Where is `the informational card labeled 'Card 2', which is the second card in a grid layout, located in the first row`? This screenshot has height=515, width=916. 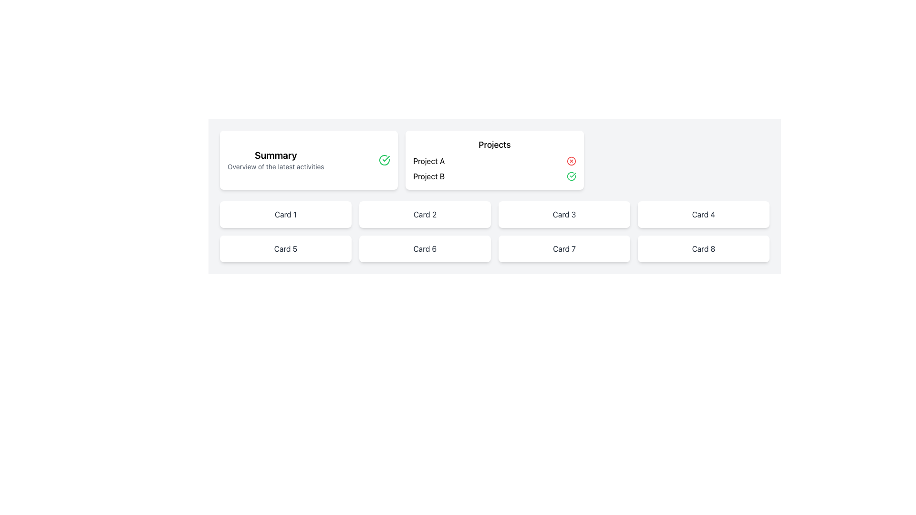 the informational card labeled 'Card 2', which is the second card in a grid layout, located in the first row is located at coordinates (425, 215).